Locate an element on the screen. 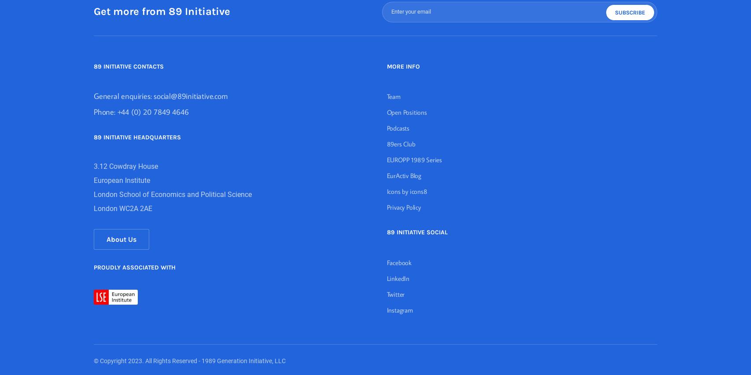 Image resolution: width=751 pixels, height=375 pixels. 'About Us' is located at coordinates (121, 239).